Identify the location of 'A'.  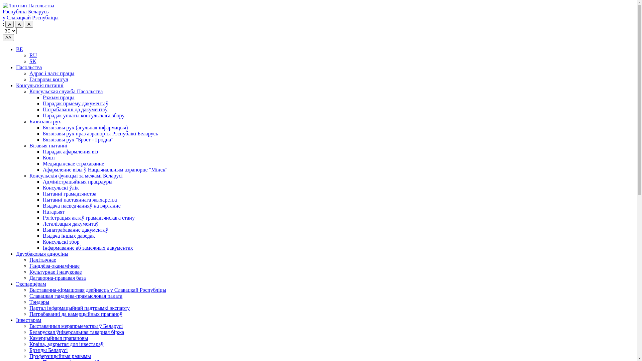
(19, 24).